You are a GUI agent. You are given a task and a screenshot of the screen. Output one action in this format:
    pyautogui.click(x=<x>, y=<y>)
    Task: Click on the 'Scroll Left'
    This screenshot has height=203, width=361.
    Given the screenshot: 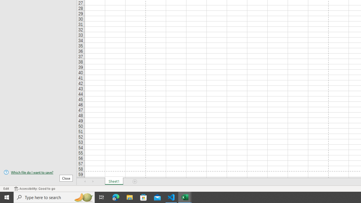 What is the action you would take?
    pyautogui.click(x=85, y=182)
    